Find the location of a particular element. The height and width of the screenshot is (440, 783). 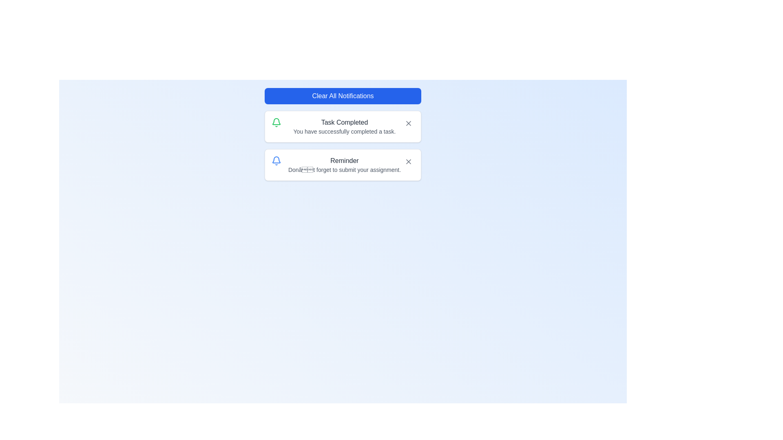

the close button located at the top right corner of the notification card is located at coordinates (409, 123).